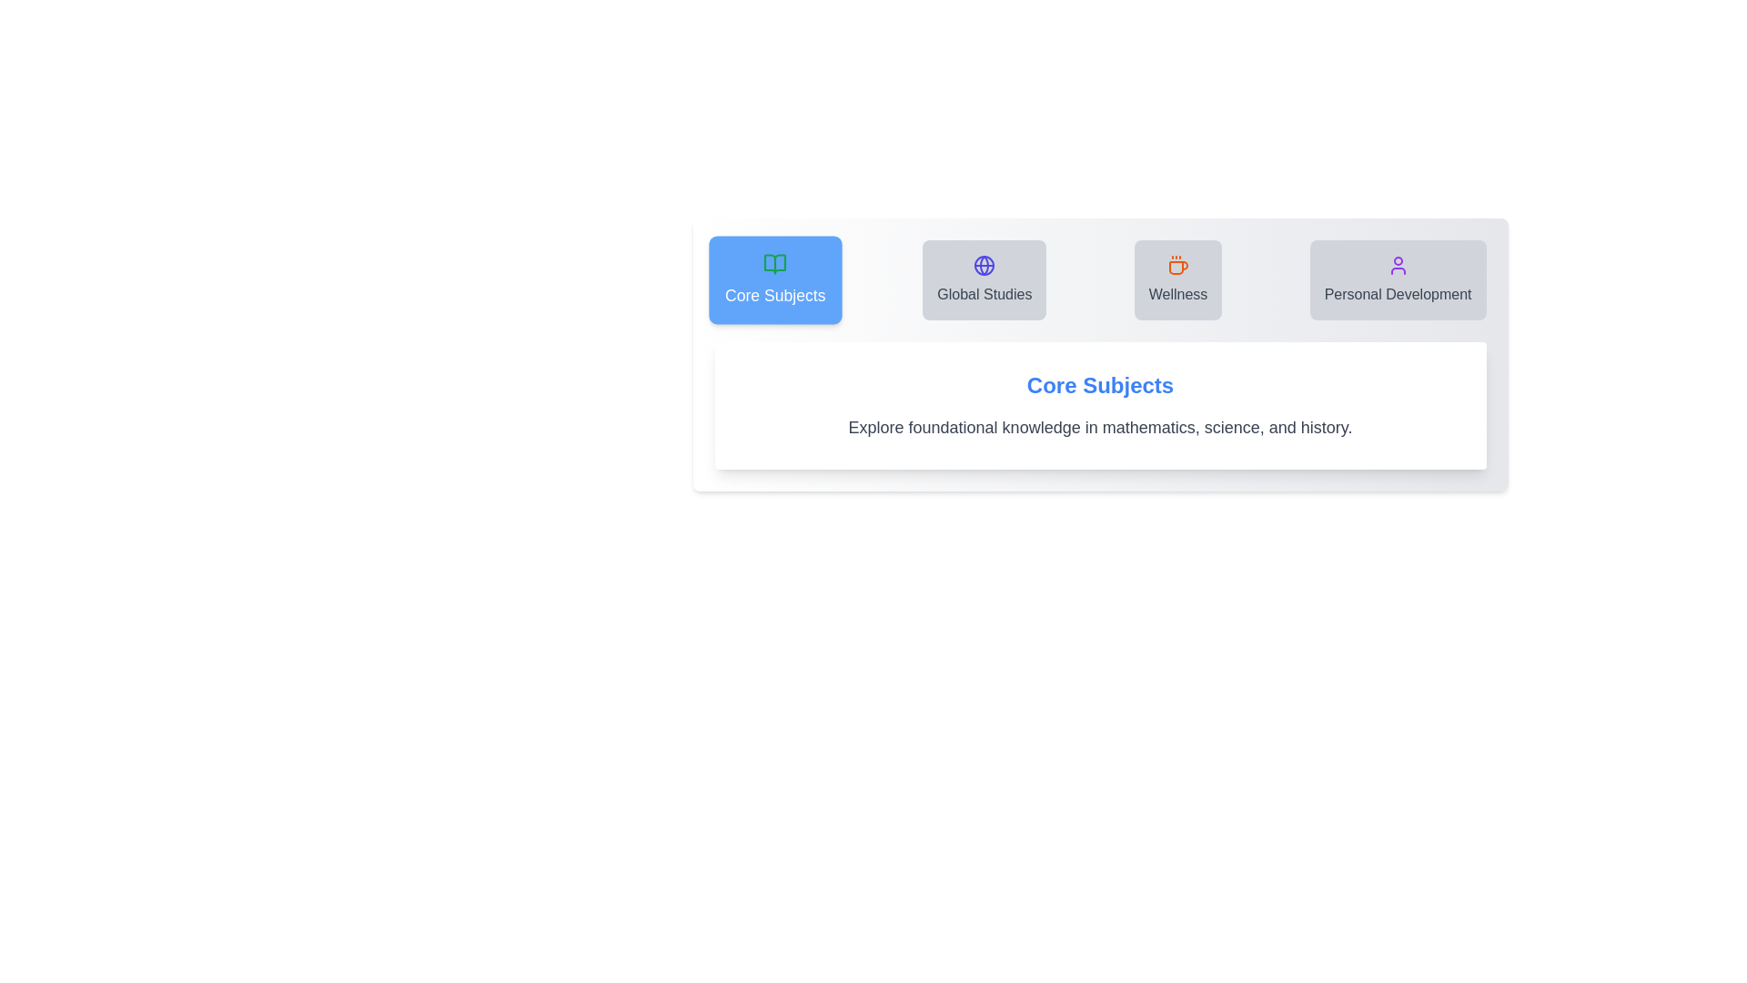 The height and width of the screenshot is (983, 1747). Describe the element at coordinates (1397, 280) in the screenshot. I see `the tab labeled Personal Development to view its content` at that location.